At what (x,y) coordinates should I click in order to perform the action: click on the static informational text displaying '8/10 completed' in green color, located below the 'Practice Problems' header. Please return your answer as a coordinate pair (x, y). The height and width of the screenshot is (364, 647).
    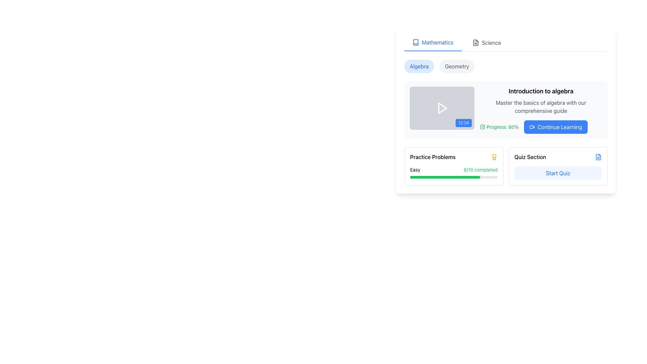
    Looking at the image, I should click on (480, 170).